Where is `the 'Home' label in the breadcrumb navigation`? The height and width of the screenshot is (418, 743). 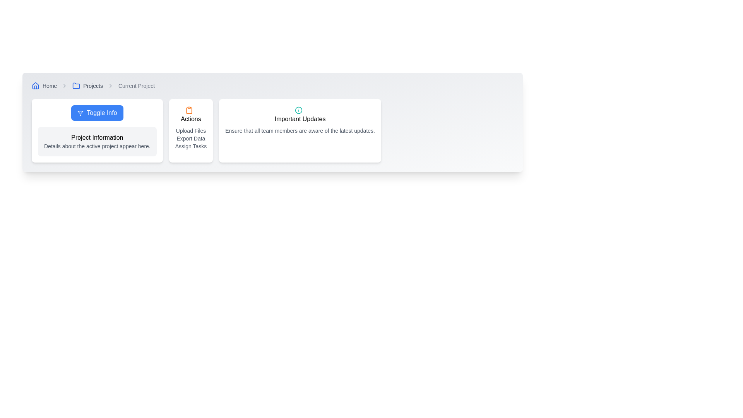
the 'Home' label in the breadcrumb navigation is located at coordinates (44, 86).